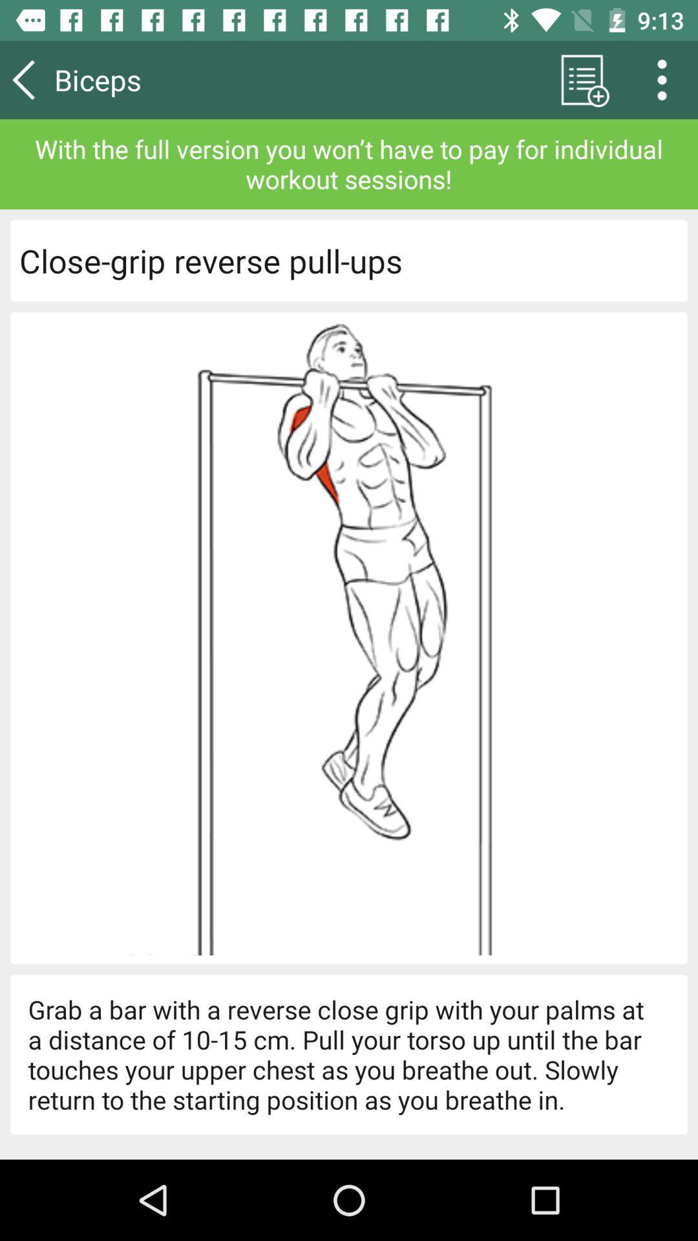 The width and height of the screenshot is (698, 1241). What do you see at coordinates (666, 79) in the screenshot?
I see `app above with the full` at bounding box center [666, 79].